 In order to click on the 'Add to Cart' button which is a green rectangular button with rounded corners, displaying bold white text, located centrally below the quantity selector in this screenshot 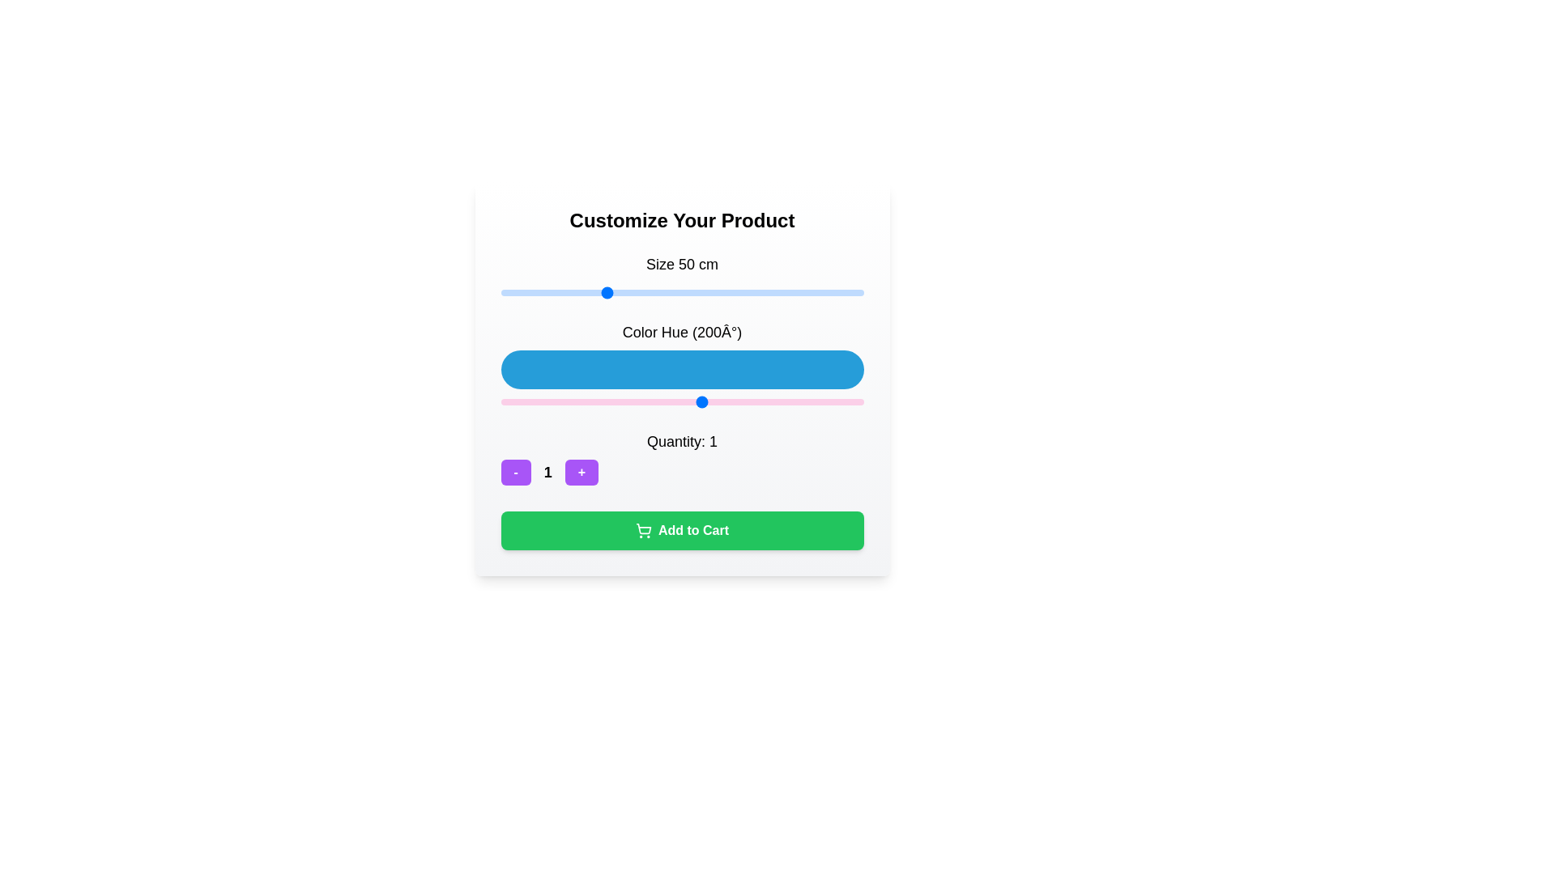, I will do `click(693, 530)`.